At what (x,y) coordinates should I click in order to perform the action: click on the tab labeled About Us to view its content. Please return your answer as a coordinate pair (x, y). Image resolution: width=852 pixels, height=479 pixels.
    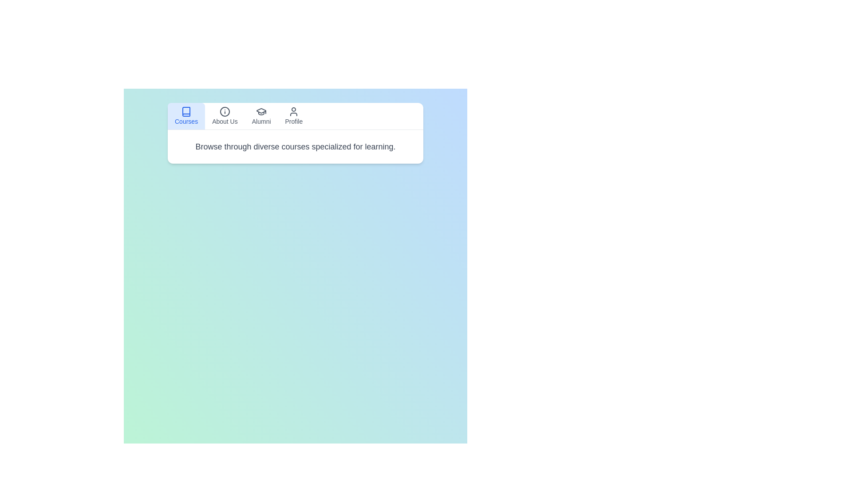
    Looking at the image, I should click on (224, 116).